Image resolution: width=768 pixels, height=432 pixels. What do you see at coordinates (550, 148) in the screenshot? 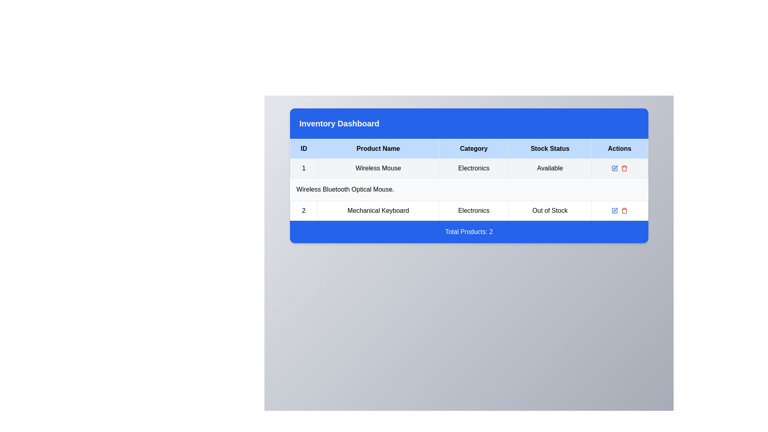
I see `the static label indicating stock status in the fourth column header of the Inventory Dashboard table` at bounding box center [550, 148].